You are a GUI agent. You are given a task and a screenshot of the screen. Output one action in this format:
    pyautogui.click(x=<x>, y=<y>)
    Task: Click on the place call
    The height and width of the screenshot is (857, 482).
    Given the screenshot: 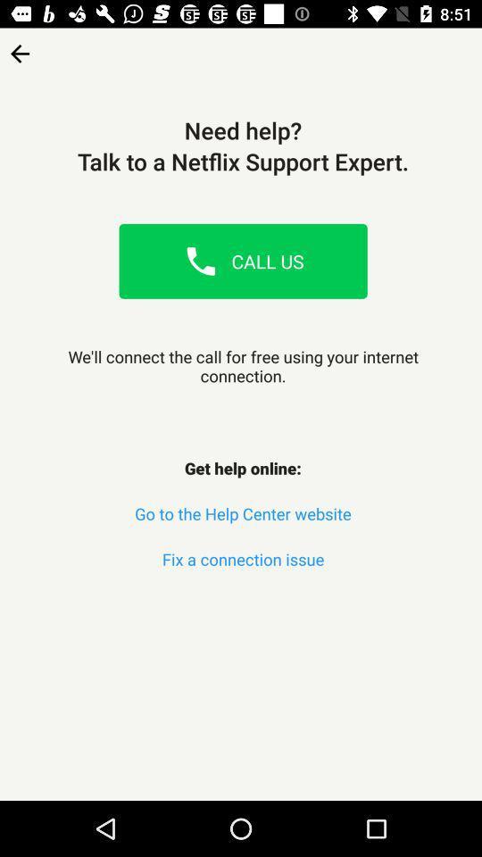 What is the action you would take?
    pyautogui.click(x=200, y=260)
    